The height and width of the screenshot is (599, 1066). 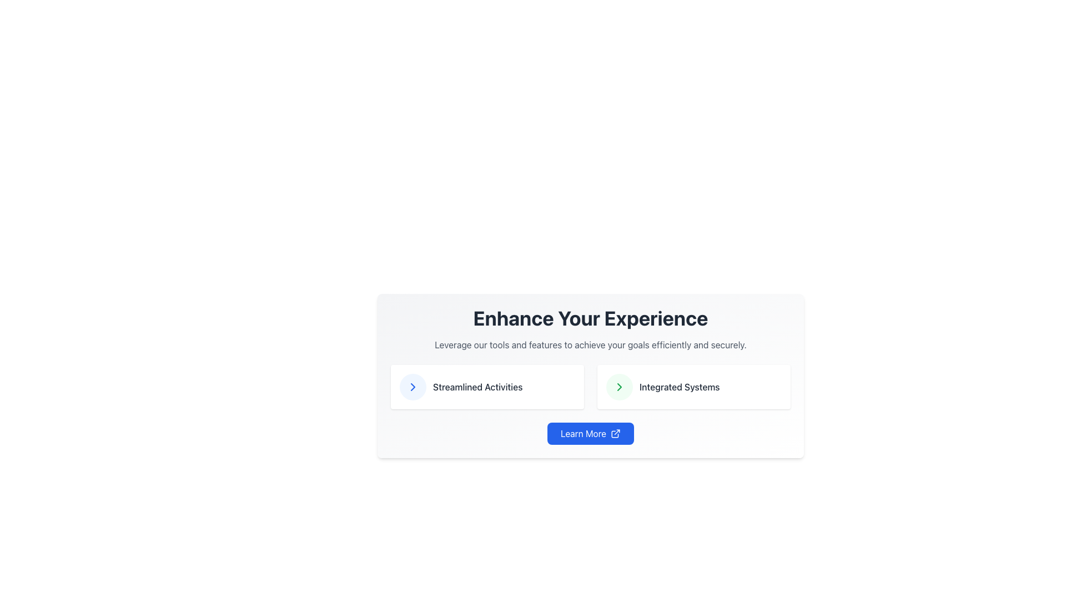 What do you see at coordinates (619, 387) in the screenshot?
I see `the rightward-pointing chevron icon located inside the darker green circle next to the 'Integrated Systems' label` at bounding box center [619, 387].